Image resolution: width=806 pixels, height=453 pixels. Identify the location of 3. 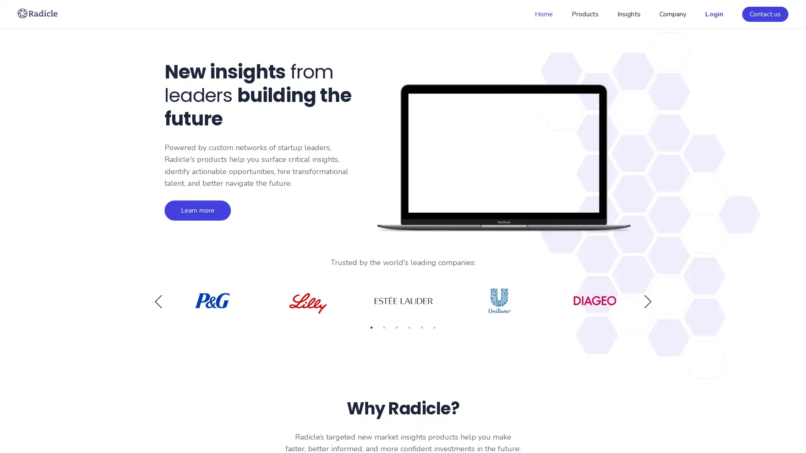
(396, 329).